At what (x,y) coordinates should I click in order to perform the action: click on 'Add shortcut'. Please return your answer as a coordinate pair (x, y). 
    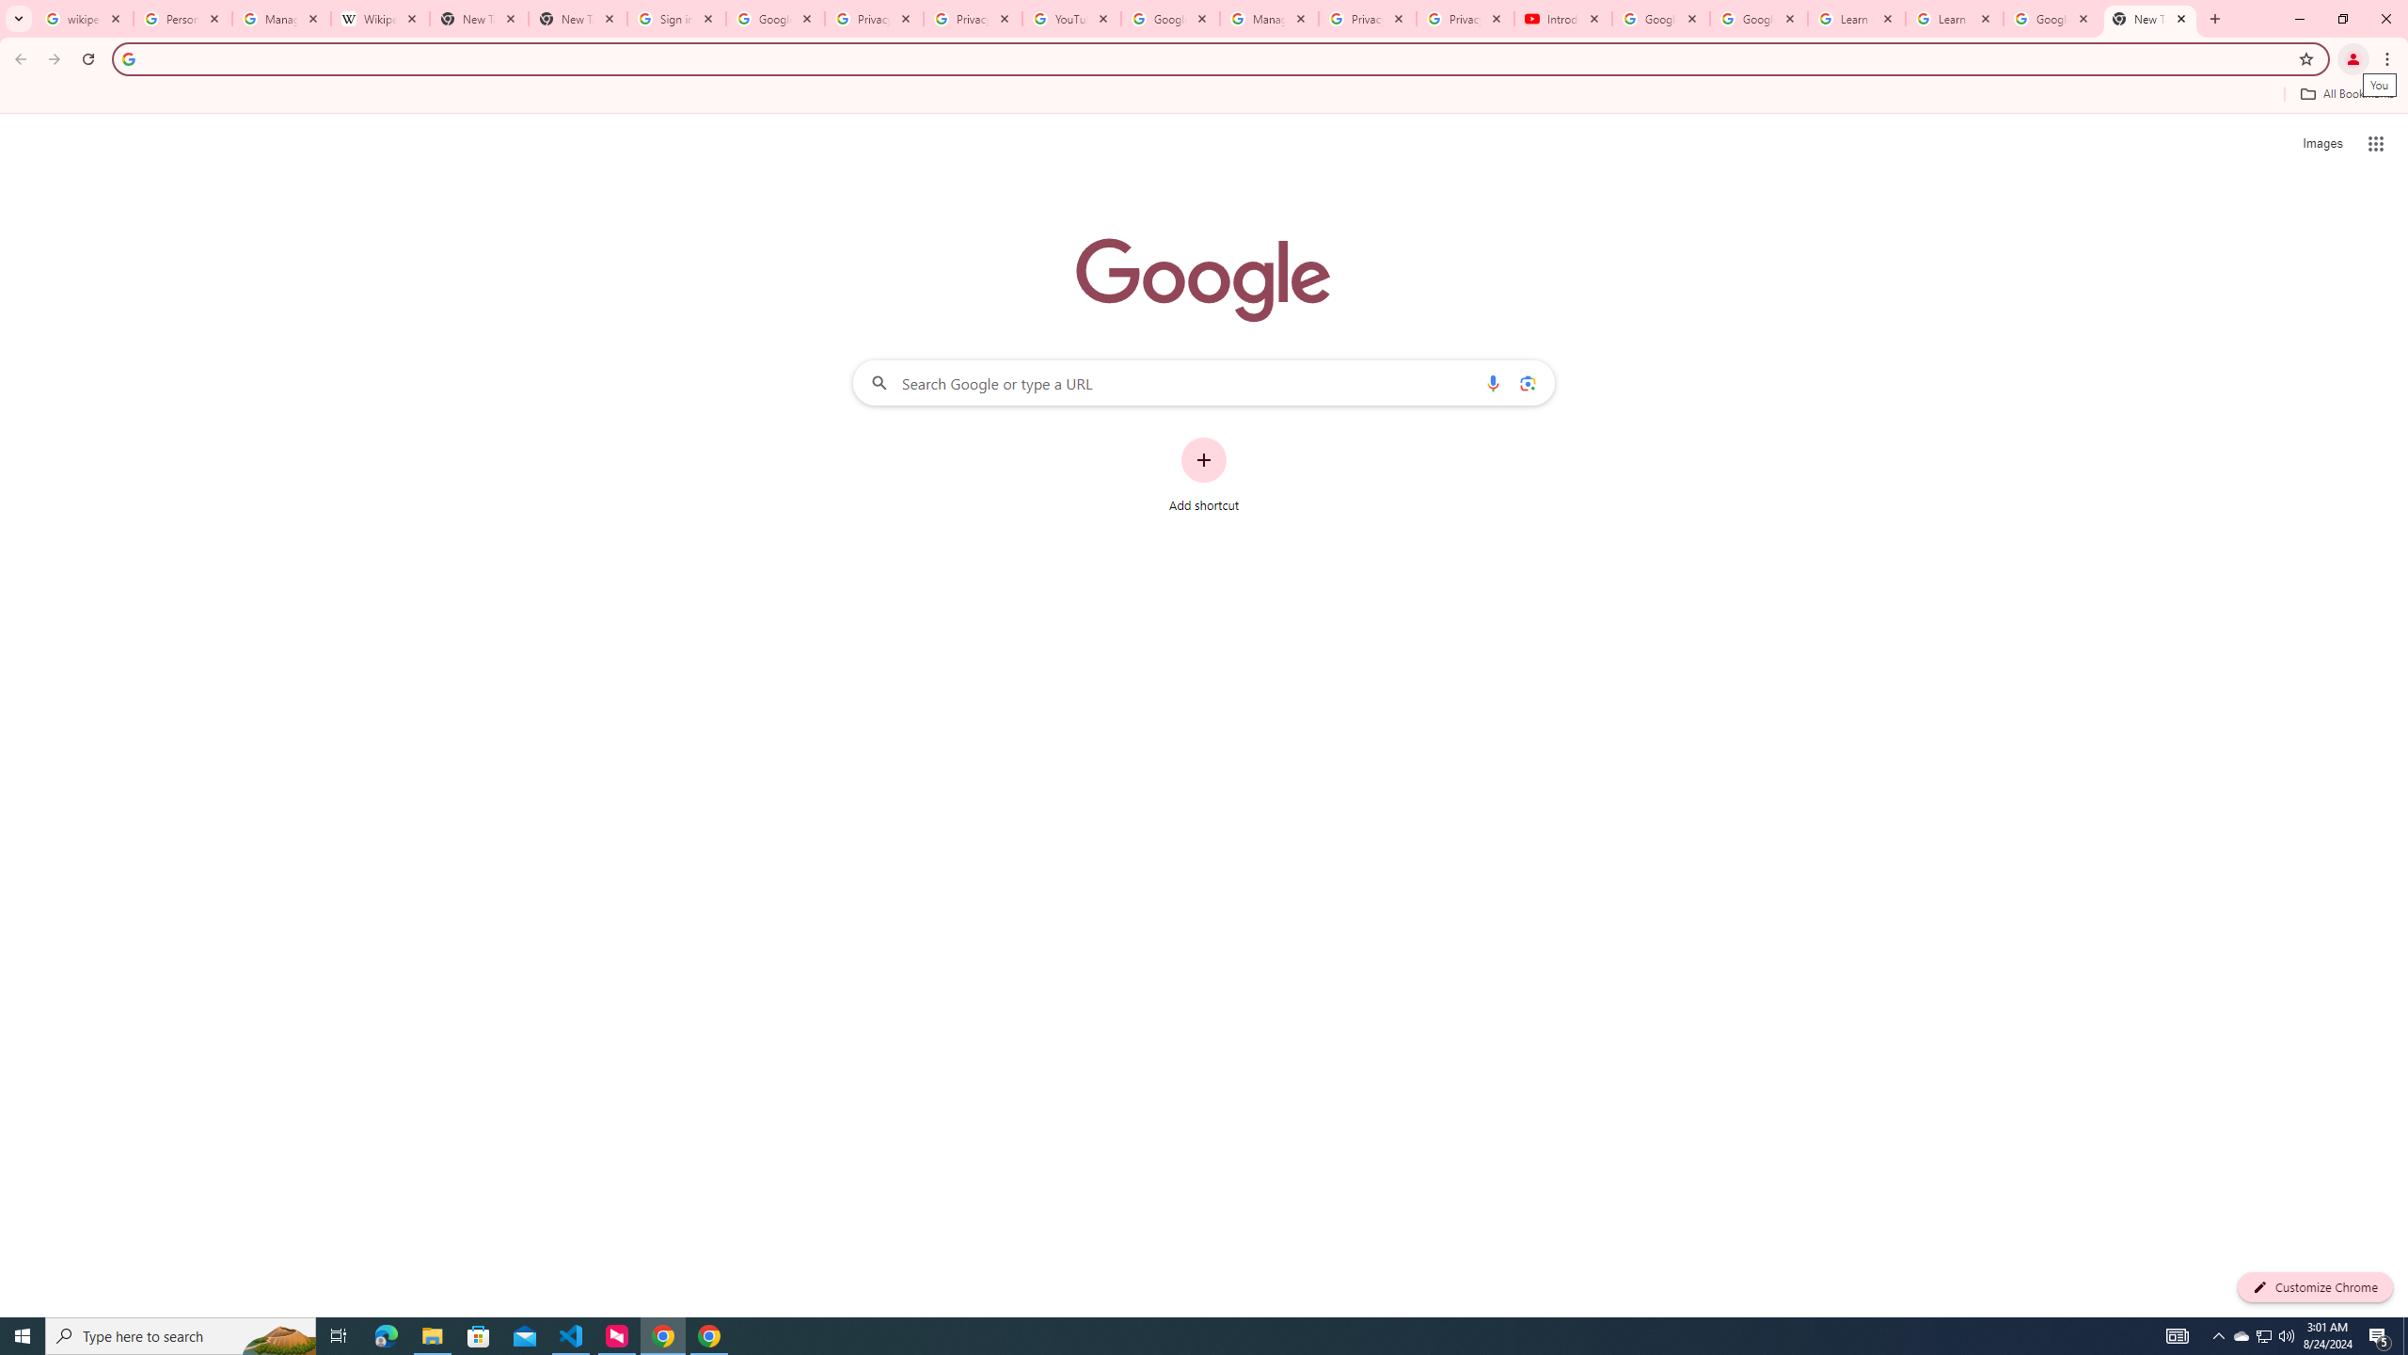
    Looking at the image, I should click on (1204, 475).